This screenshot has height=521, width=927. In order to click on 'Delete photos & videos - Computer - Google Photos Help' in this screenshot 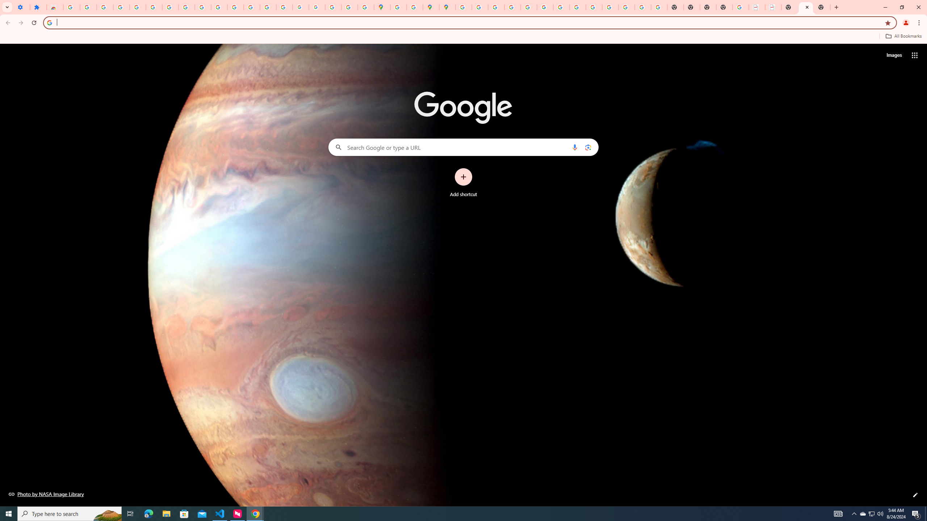, I will do `click(105, 7)`.